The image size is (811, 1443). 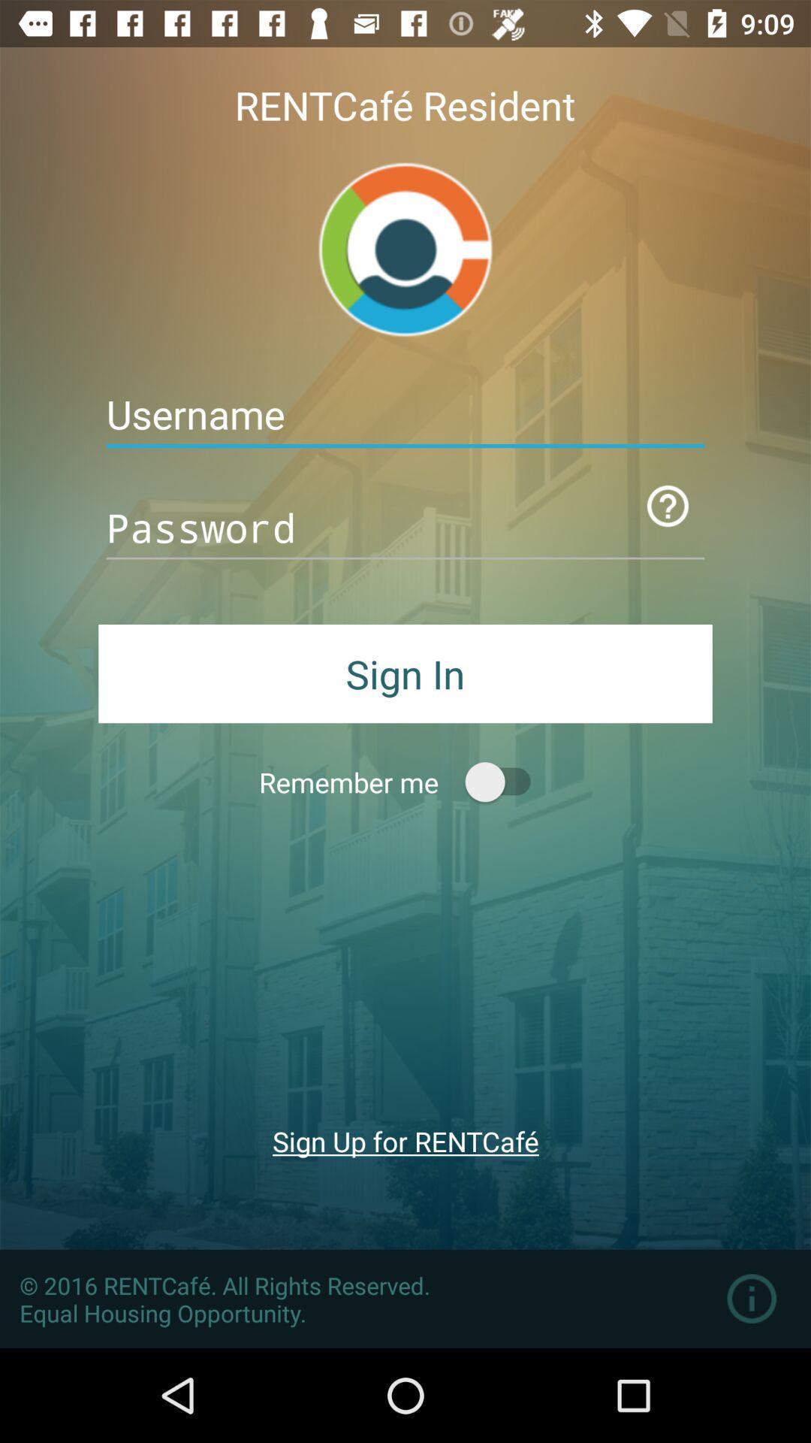 What do you see at coordinates (405, 528) in the screenshot?
I see `texte box to fill in password` at bounding box center [405, 528].